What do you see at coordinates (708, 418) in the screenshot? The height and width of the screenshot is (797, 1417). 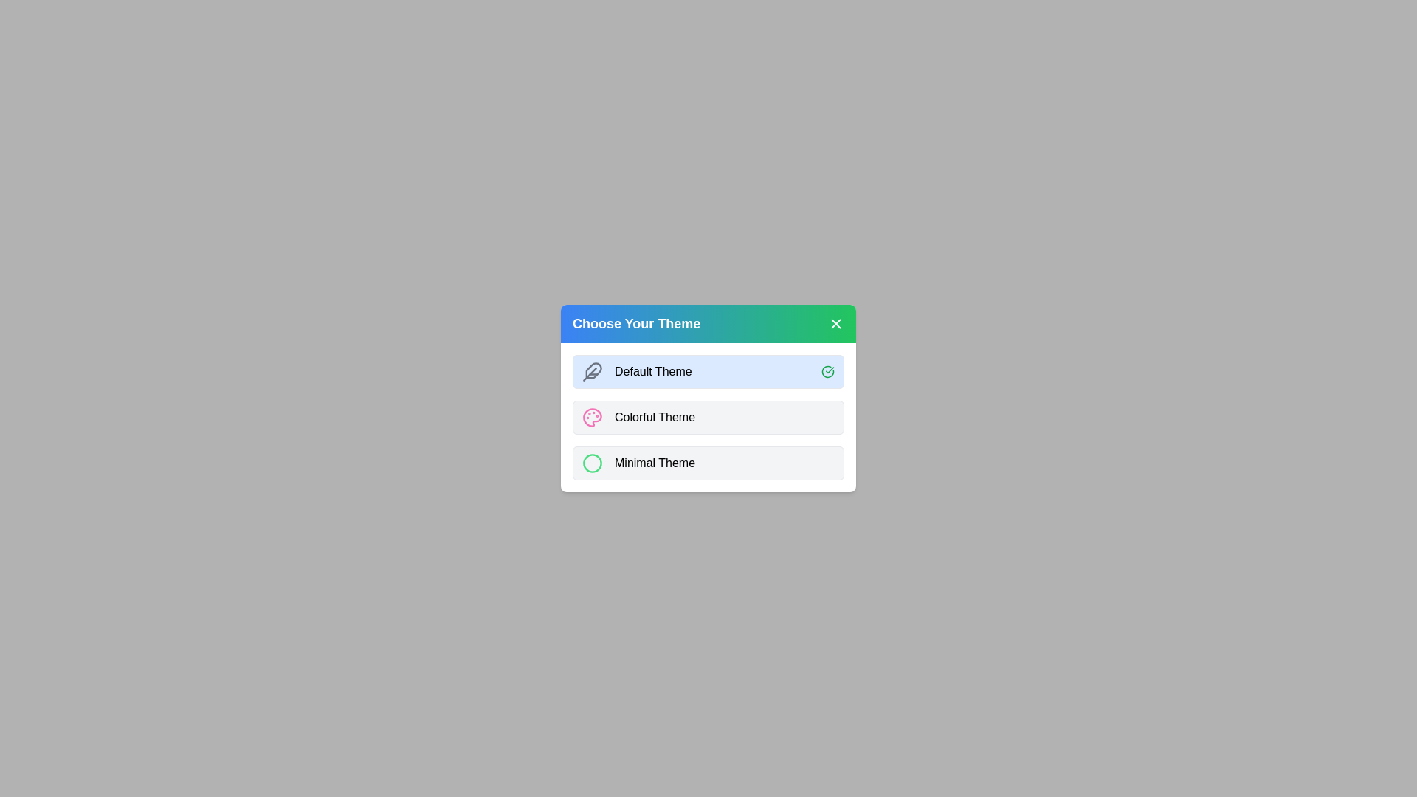 I see `the 'Colorful Theme' option in the dialog` at bounding box center [708, 418].